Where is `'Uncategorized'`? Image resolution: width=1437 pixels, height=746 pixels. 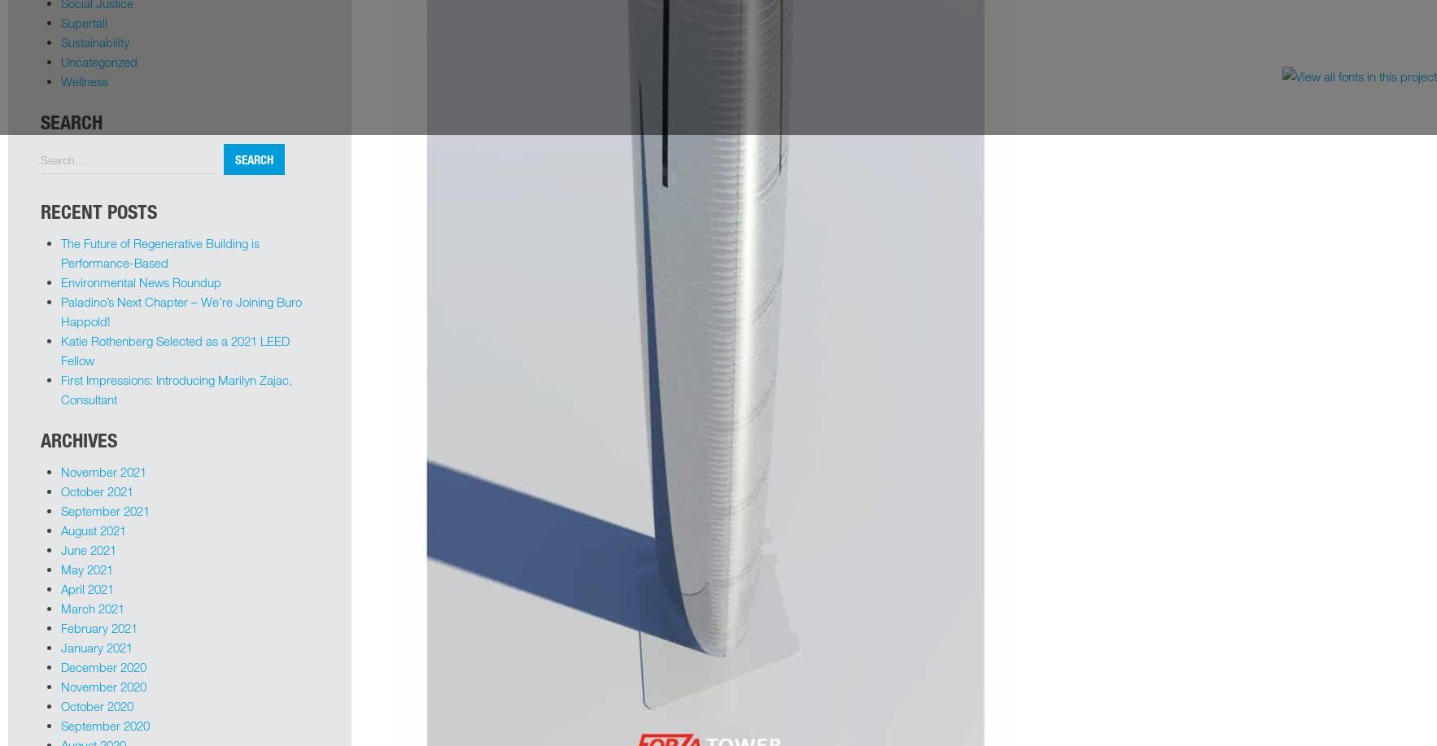
'Uncategorized' is located at coordinates (98, 61).